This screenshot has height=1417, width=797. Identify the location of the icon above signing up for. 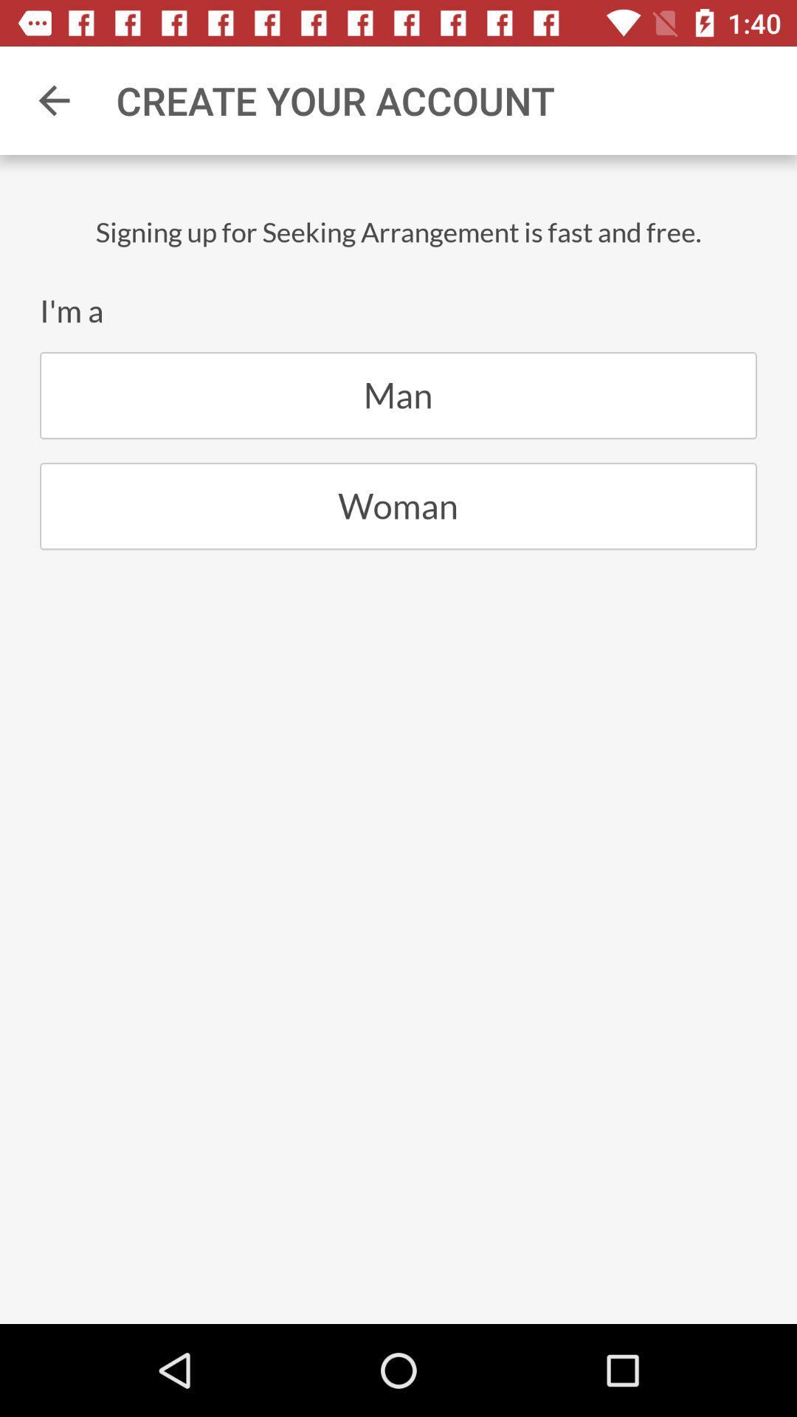
(53, 100).